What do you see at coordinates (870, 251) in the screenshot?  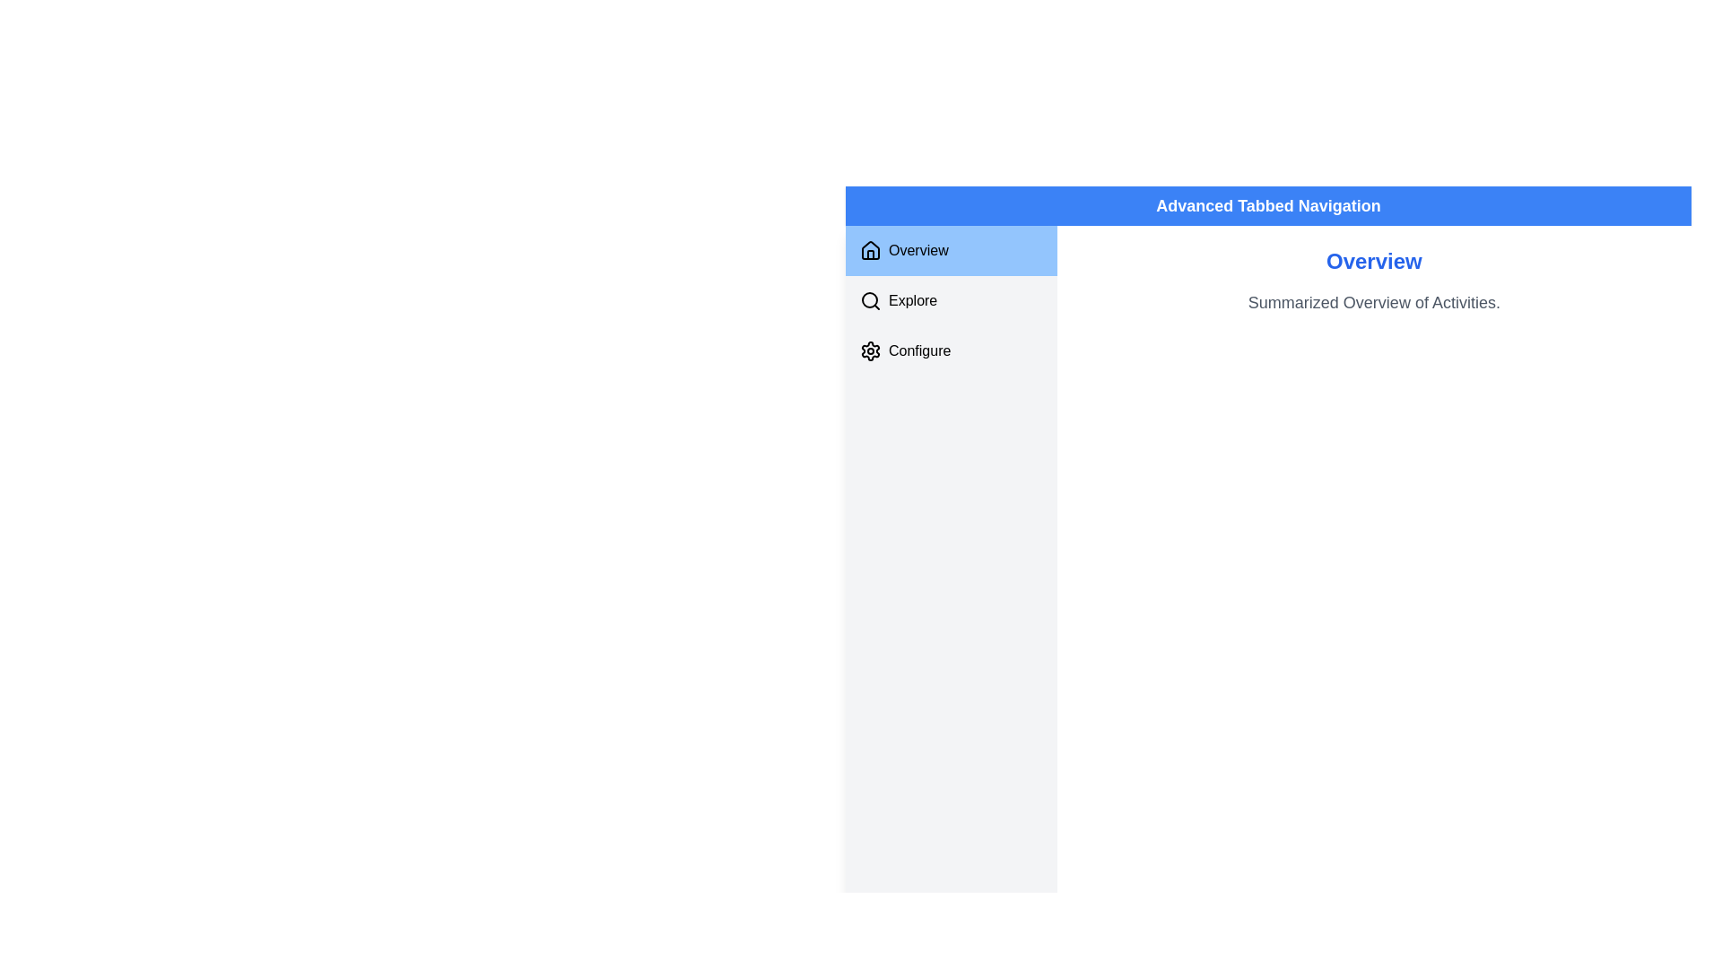 I see `the 'Overview' navigation icon located in the left panel of the interface, which serves as a visual indicator for the main dashboard view` at bounding box center [870, 251].